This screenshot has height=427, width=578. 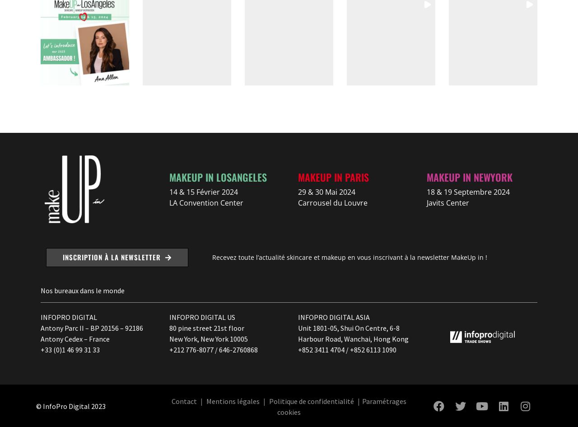 What do you see at coordinates (213, 349) in the screenshot?
I see `'+212 776-8077 / 646-2760868'` at bounding box center [213, 349].